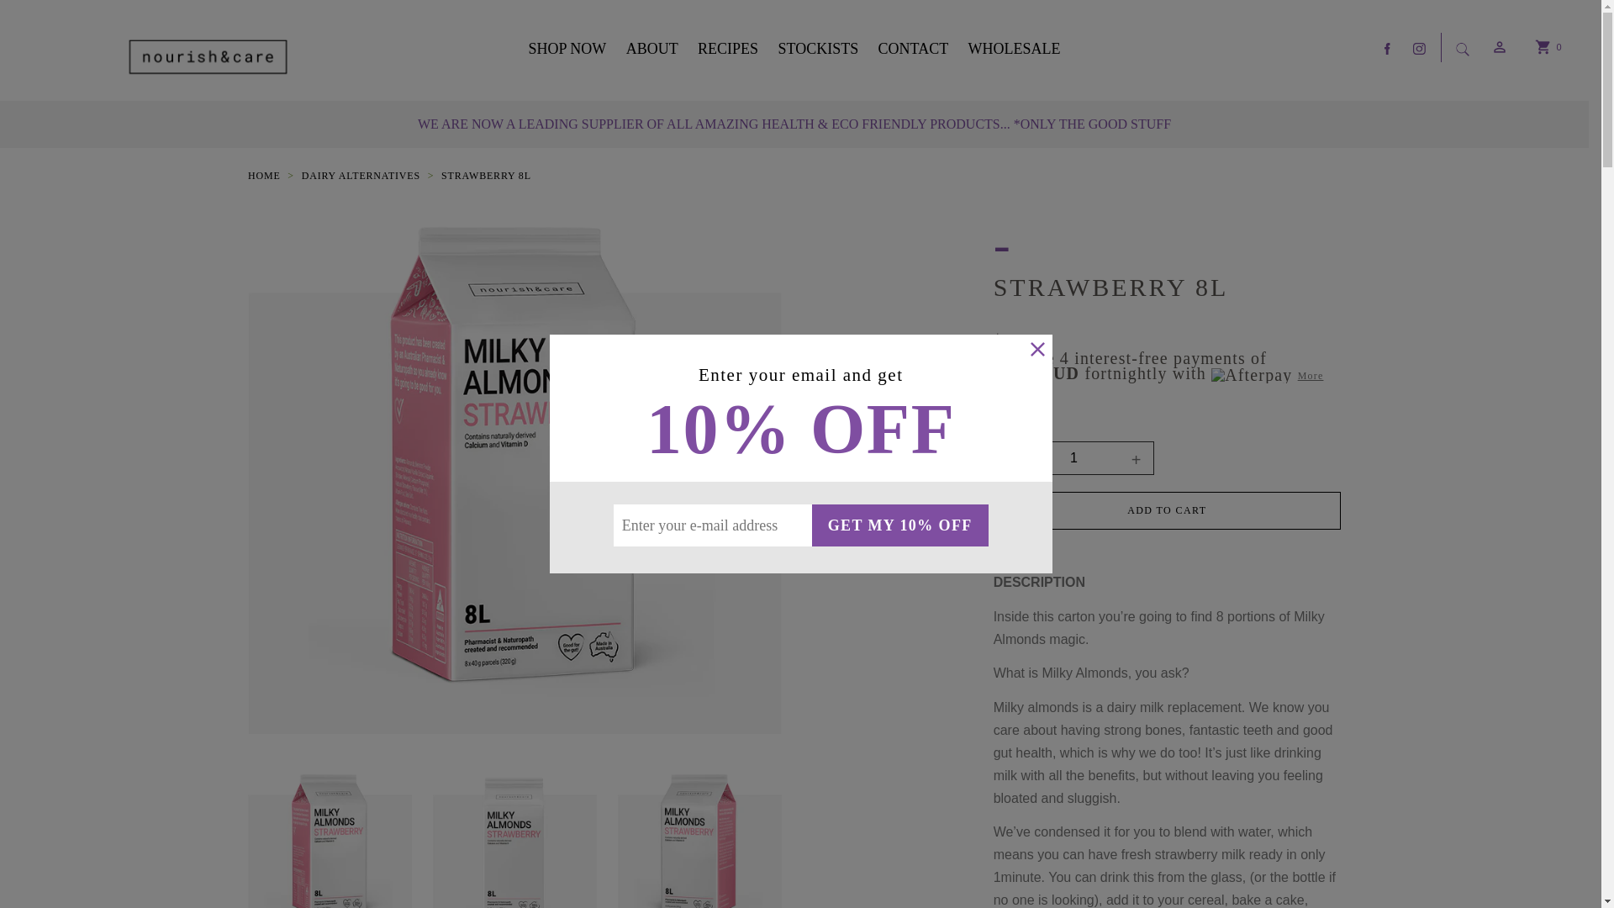 This screenshot has height=908, width=1614. Describe the element at coordinates (360, 175) in the screenshot. I see `'DAIRY ALTERNATIVES'` at that location.